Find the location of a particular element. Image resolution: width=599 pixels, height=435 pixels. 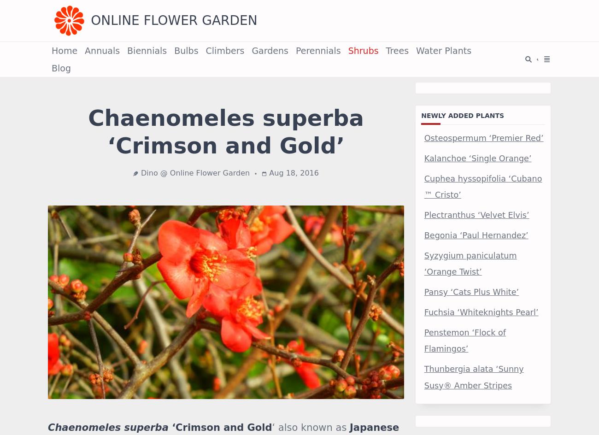

'Share This Page:' is located at coordinates (88, 327).